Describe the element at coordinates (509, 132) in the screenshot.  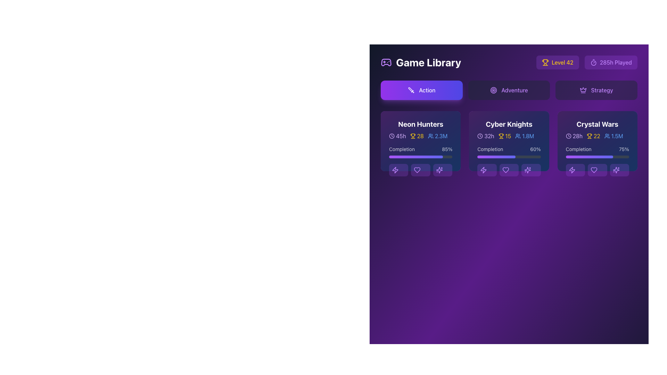
I see `the 'Cyber Knights' Text and Icon Display which shows game statistics including '32h', a yellow trophy icon, and '1.8M' on a dark background, located in the second column of the Action game category section` at that location.